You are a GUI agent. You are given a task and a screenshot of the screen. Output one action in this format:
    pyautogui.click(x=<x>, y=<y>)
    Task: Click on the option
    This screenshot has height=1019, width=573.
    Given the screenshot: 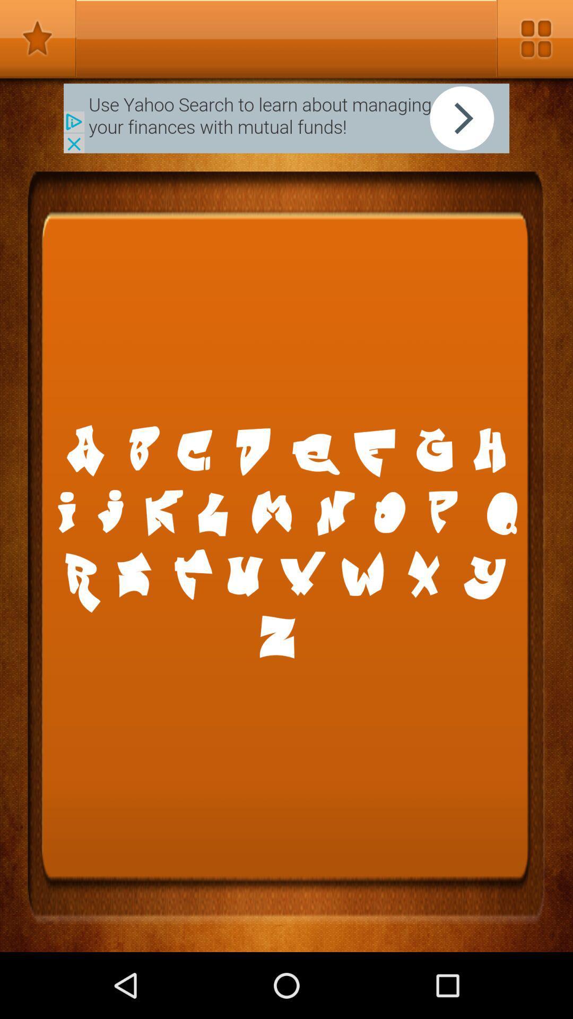 What is the action you would take?
    pyautogui.click(x=534, y=38)
    